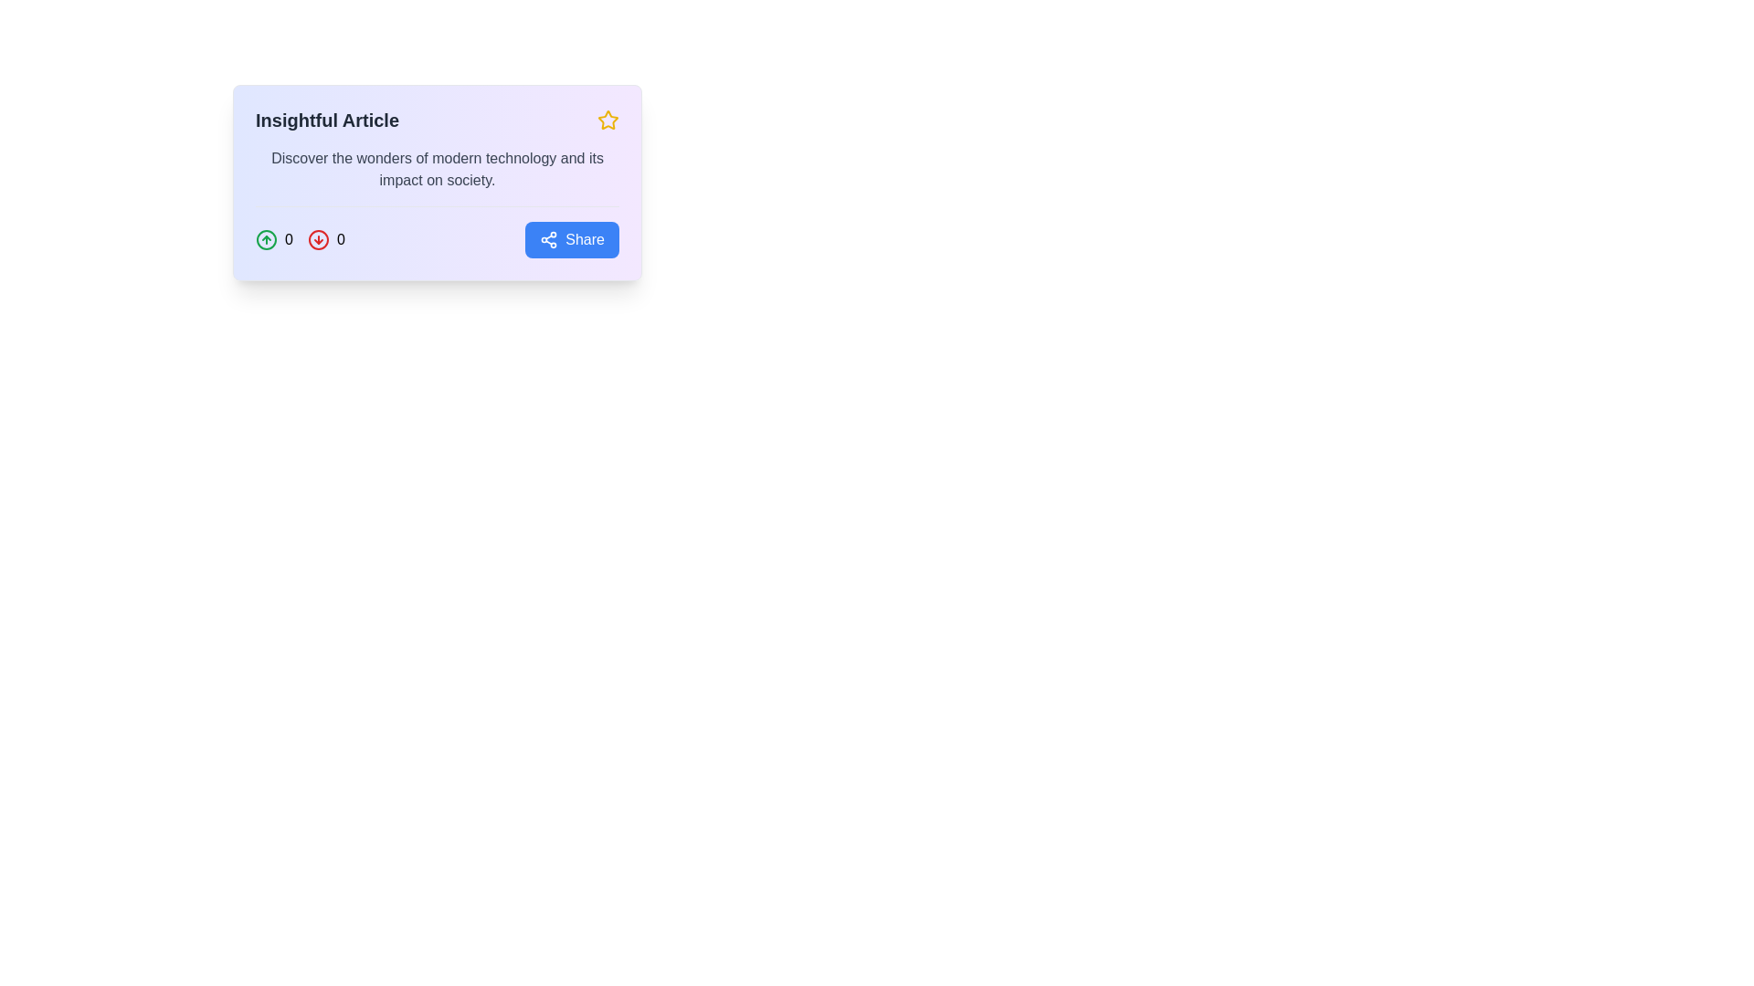  Describe the element at coordinates (273, 238) in the screenshot. I see `the green circular button with an upward arrow and the number '0' to register an upvote` at that location.